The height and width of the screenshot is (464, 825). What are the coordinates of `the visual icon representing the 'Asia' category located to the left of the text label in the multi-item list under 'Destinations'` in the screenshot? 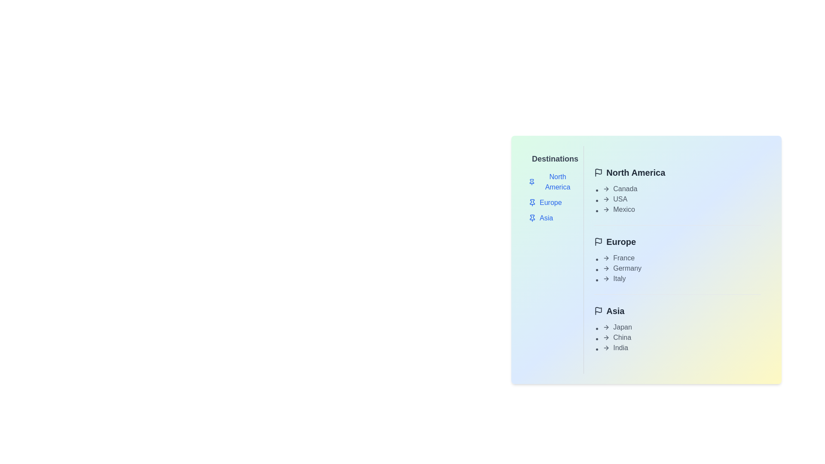 It's located at (532, 218).